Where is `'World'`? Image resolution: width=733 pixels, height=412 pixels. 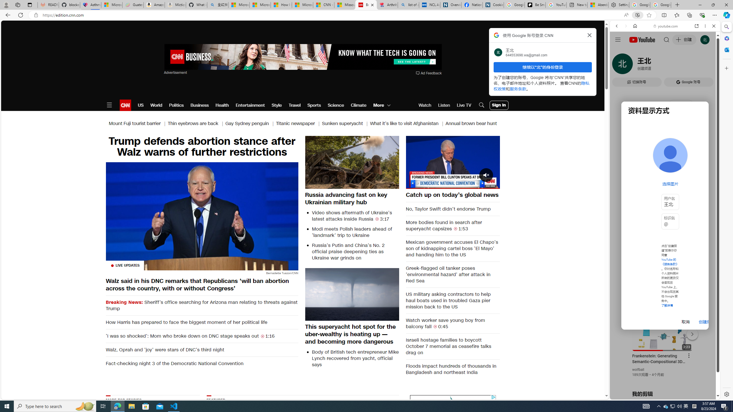 'World' is located at coordinates (156, 105).